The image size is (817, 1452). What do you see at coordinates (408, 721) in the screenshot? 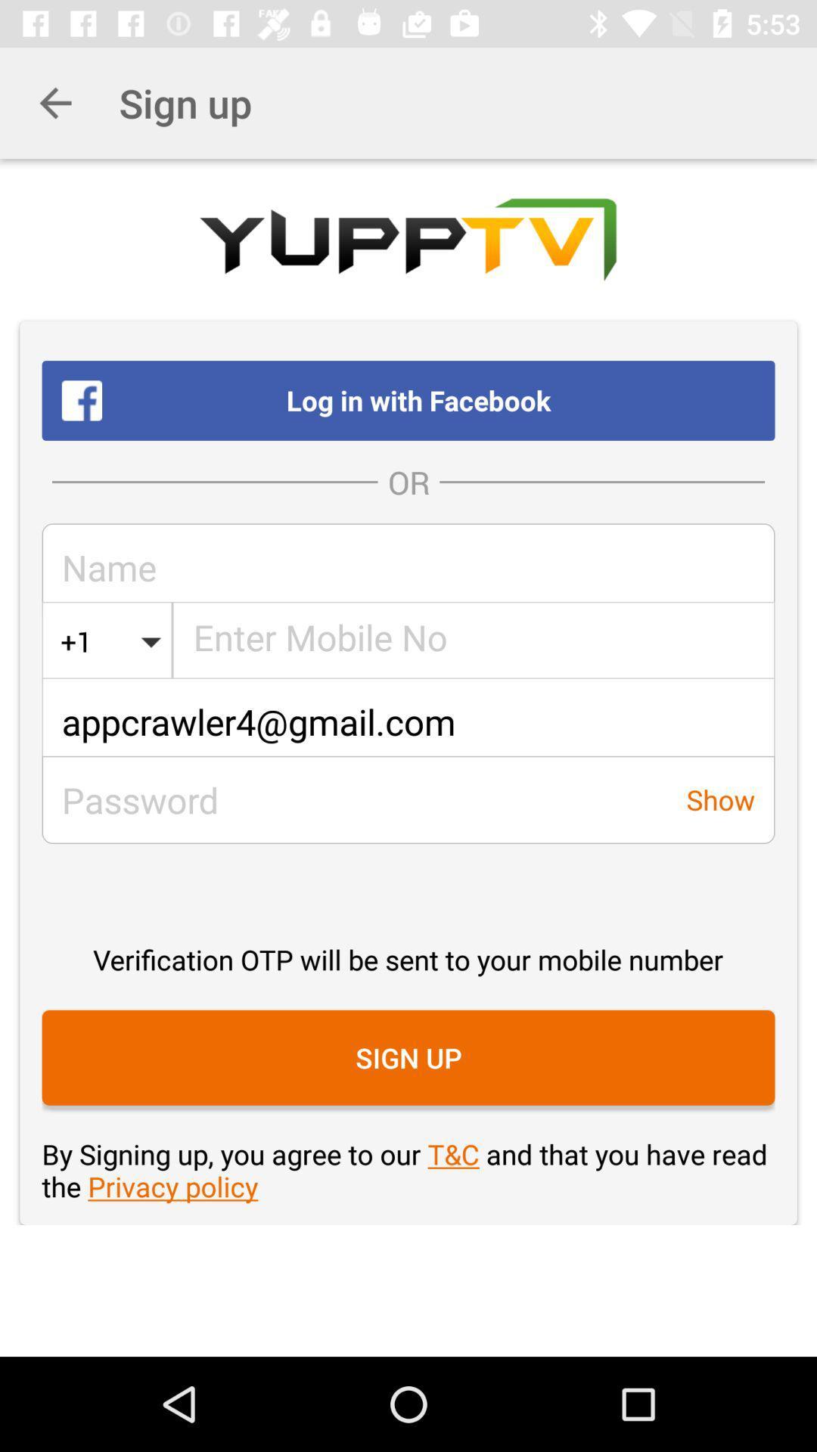
I see `icon above the verification otp will icon` at bounding box center [408, 721].